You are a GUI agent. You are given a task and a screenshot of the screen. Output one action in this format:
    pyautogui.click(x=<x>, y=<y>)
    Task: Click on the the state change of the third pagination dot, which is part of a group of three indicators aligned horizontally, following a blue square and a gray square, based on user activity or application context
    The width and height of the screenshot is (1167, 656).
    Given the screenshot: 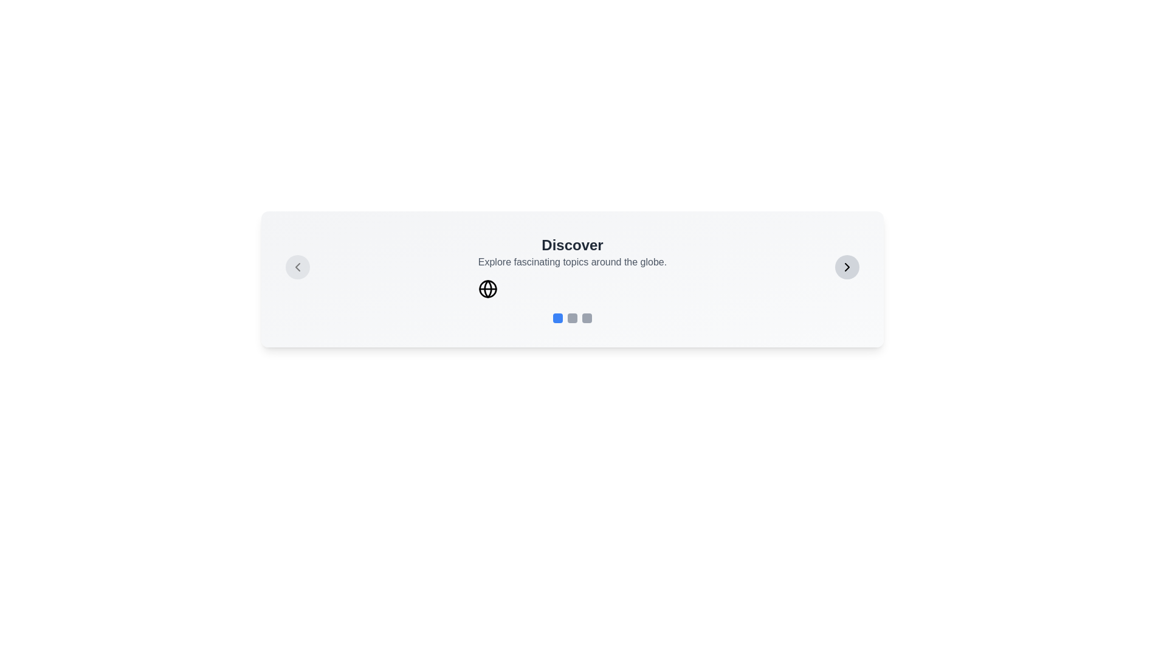 What is the action you would take?
    pyautogui.click(x=587, y=318)
    